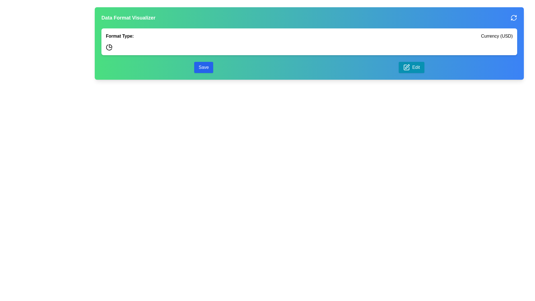 The image size is (535, 301). I want to click on the Static Text Label displaying 'Currency (USD)' positioned on the far right of the horizontal bar in the application interface, so click(497, 36).